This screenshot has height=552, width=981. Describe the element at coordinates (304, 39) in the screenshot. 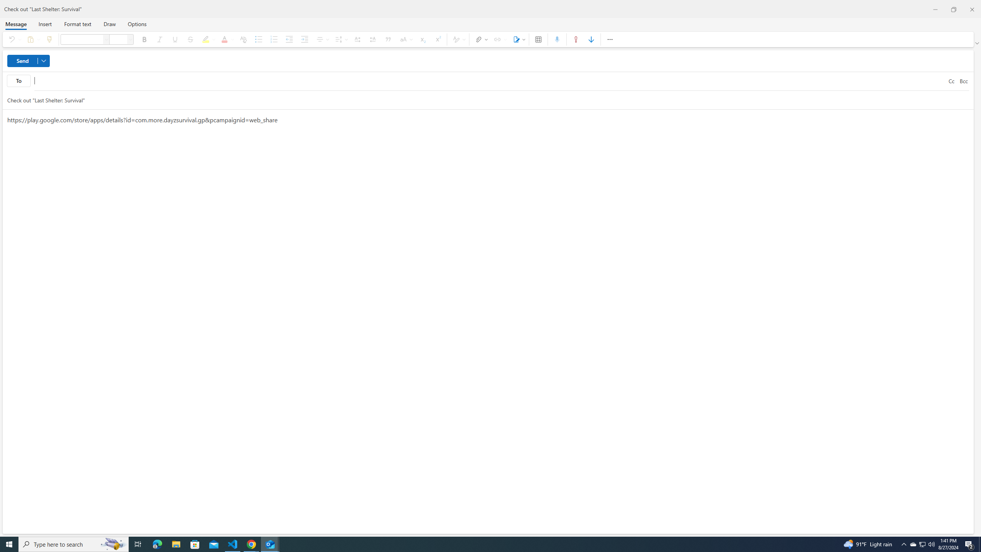

I see `'Increase indent'` at that location.